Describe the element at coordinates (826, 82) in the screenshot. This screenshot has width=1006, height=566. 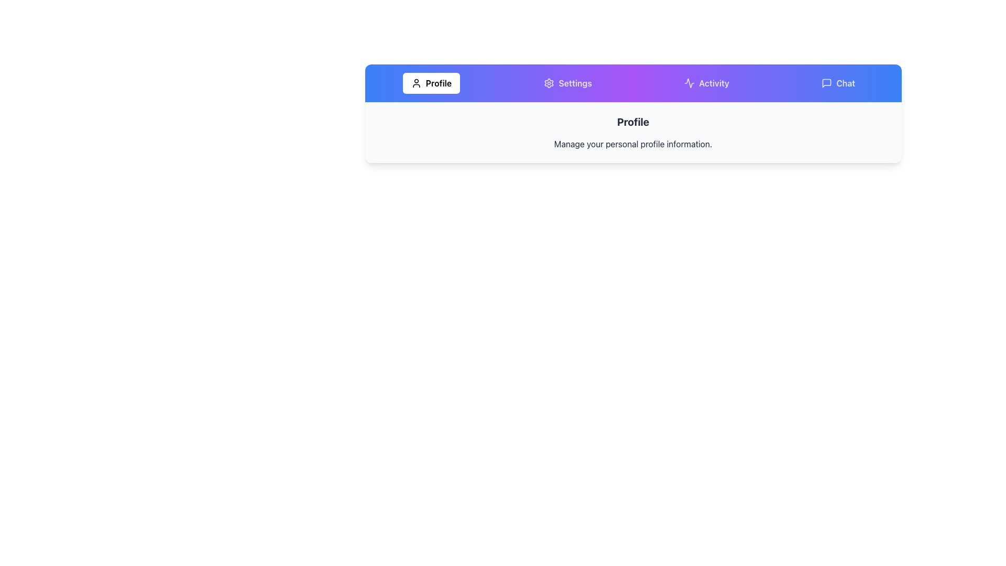
I see `the chat icon located to the left of the 'Chat' text label within the Chat button at the top-right corner of the interface` at that location.